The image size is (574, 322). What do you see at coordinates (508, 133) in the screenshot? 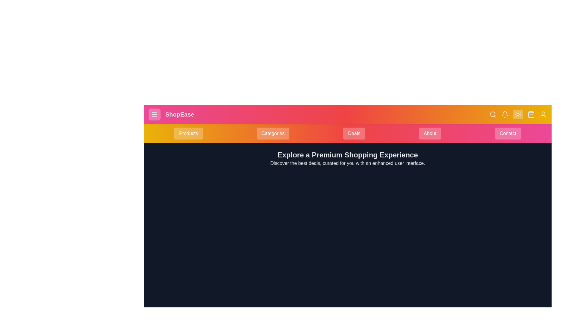
I see `the Contact button in the navigation bar to navigate to the respective section` at bounding box center [508, 133].